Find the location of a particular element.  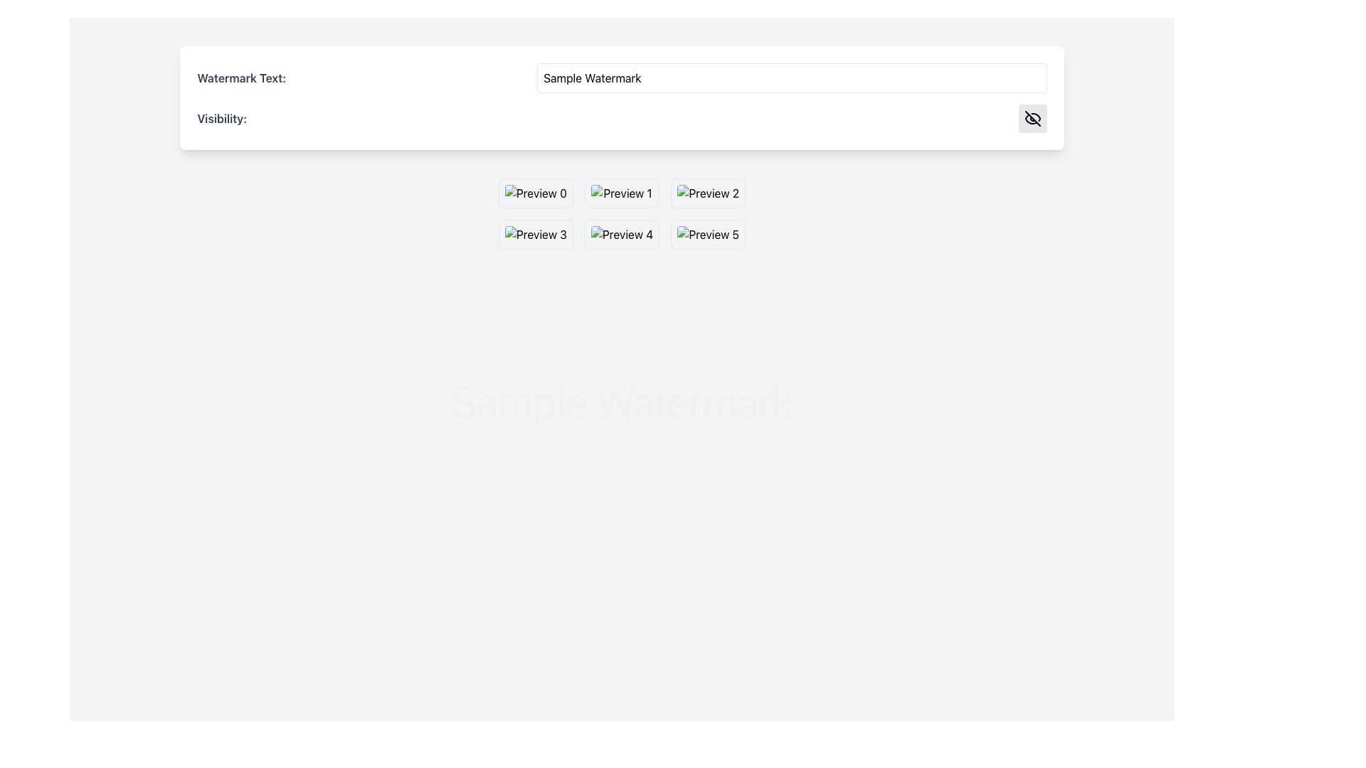

the image thumbnail located in the second row, third column of the grid, which displays a preview text below the image is located at coordinates (708, 234).